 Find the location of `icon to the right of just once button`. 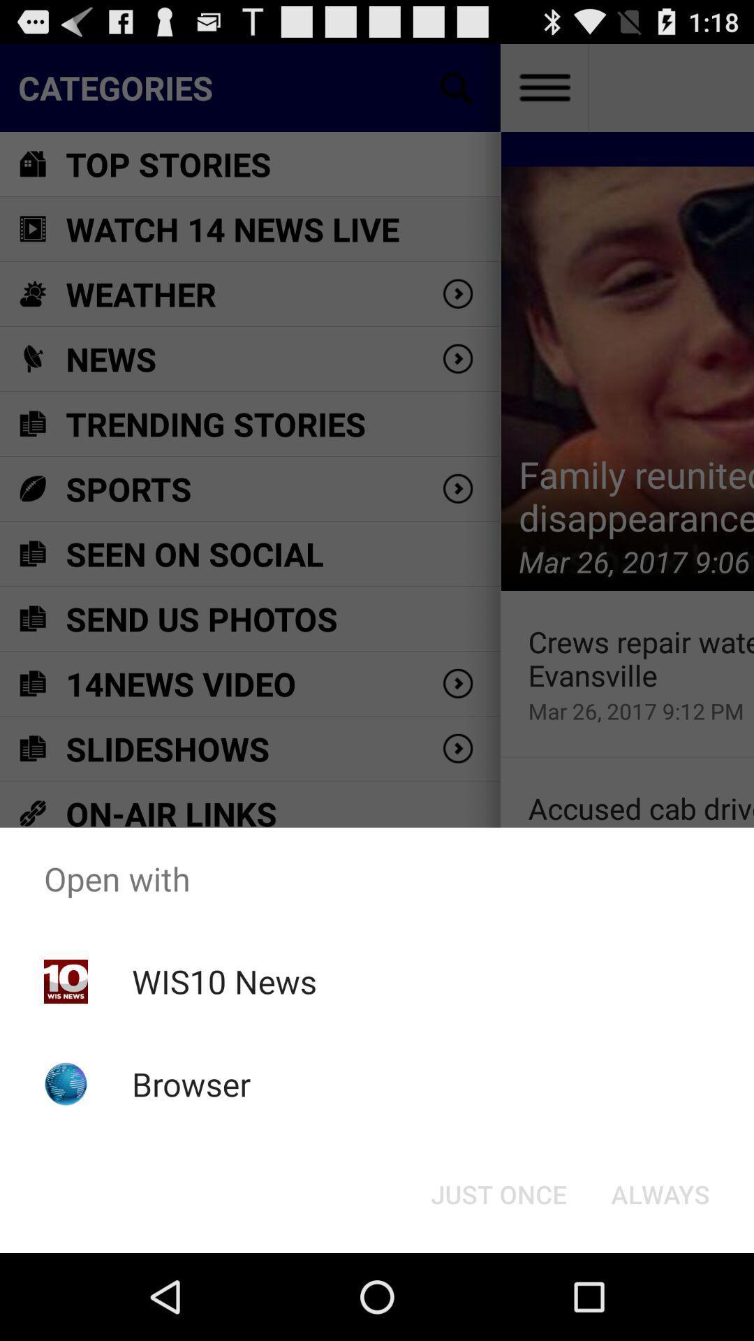

icon to the right of just once button is located at coordinates (660, 1193).